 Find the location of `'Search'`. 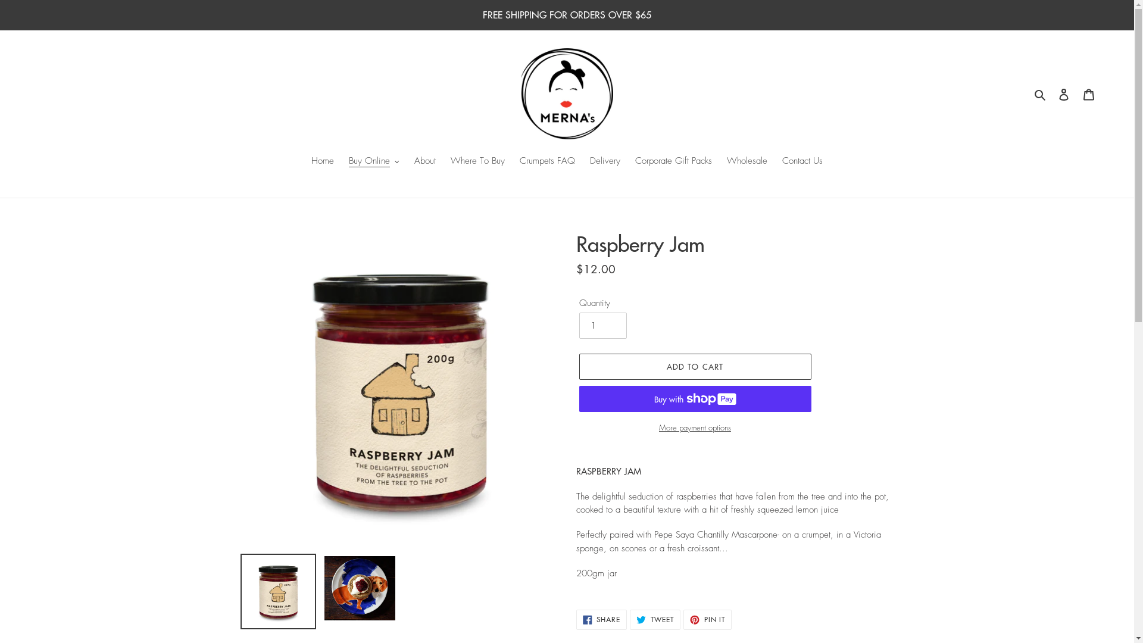

'Search' is located at coordinates (1040, 93).